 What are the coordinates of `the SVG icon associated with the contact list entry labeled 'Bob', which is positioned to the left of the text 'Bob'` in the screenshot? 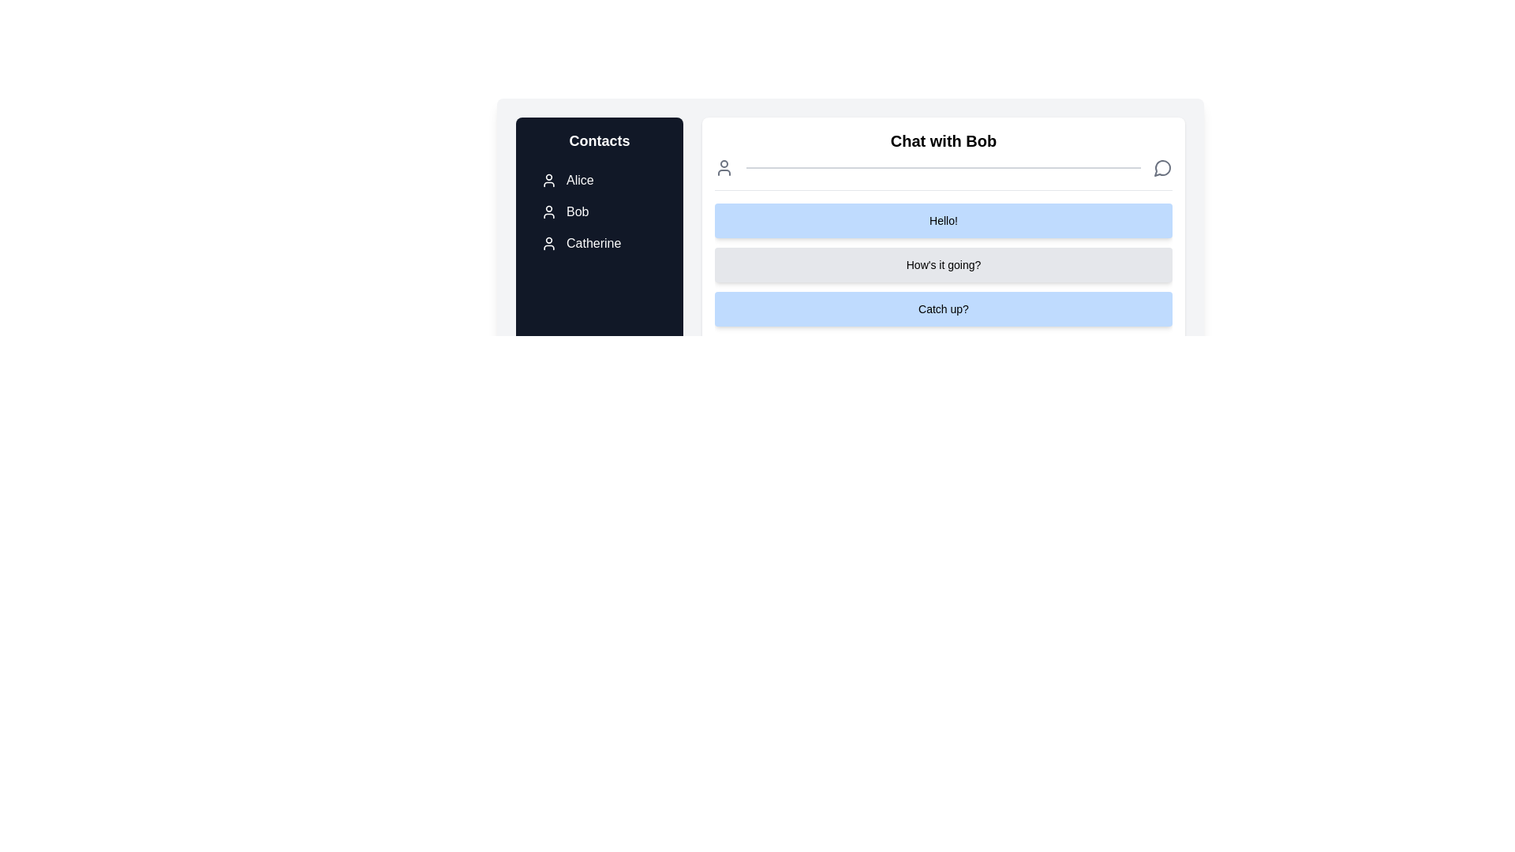 It's located at (549, 211).